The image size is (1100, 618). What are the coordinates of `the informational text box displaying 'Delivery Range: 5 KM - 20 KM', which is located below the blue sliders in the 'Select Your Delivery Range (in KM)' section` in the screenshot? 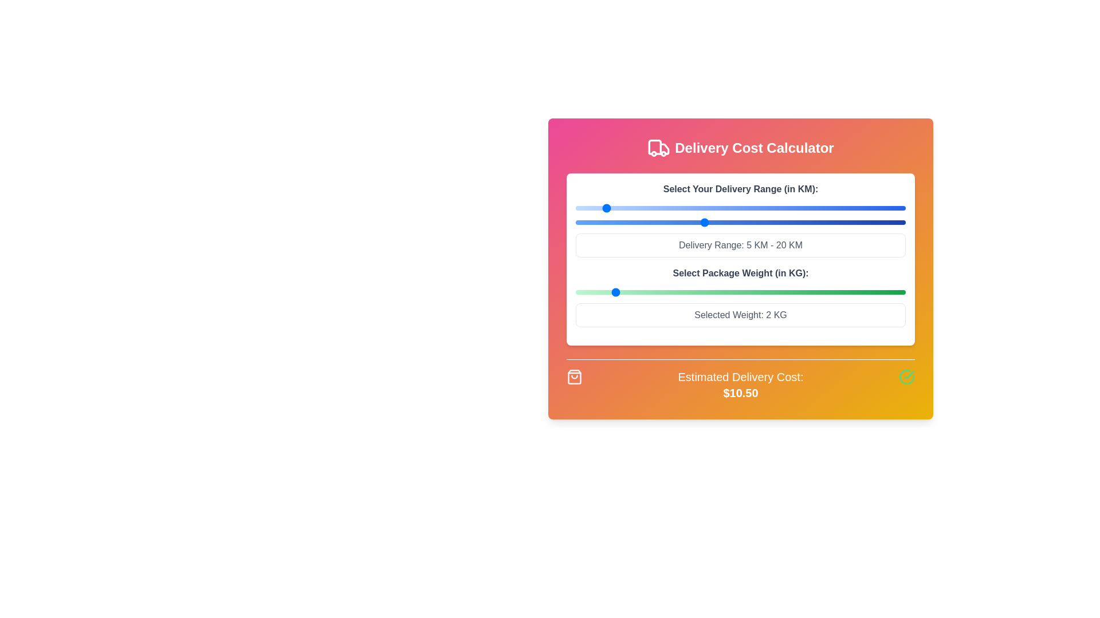 It's located at (740, 244).